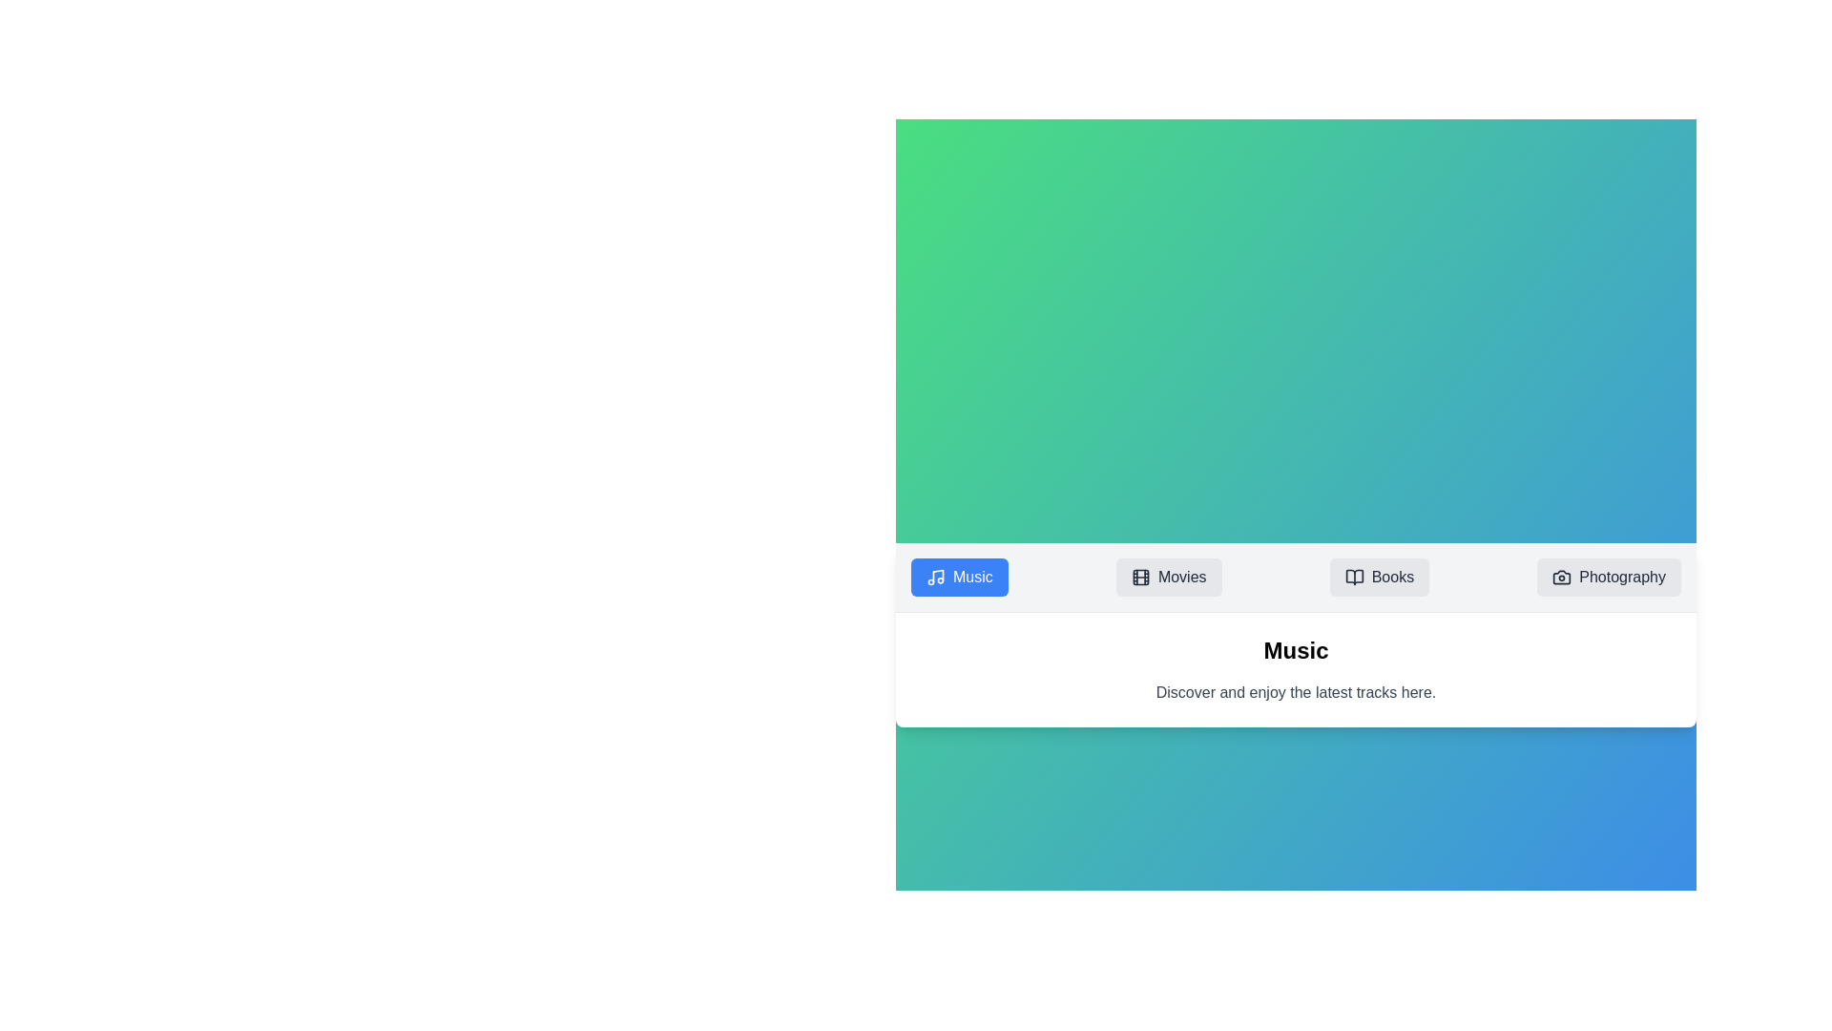 The width and height of the screenshot is (1832, 1031). I want to click on the 'Movies' menu label, which is located to the right of the film reel icon and adjacent to 'Music' on the left and 'Books' on the right, so click(1181, 576).